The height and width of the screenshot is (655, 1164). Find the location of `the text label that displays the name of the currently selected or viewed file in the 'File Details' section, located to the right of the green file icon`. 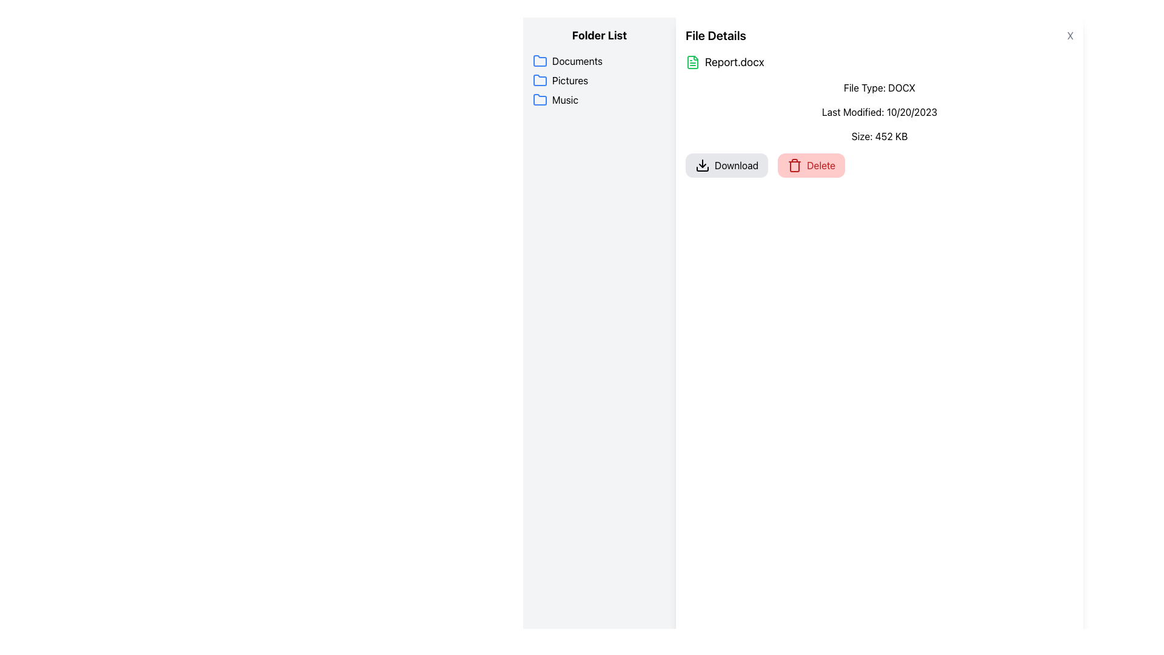

the text label that displays the name of the currently selected or viewed file in the 'File Details' section, located to the right of the green file icon is located at coordinates (734, 62).